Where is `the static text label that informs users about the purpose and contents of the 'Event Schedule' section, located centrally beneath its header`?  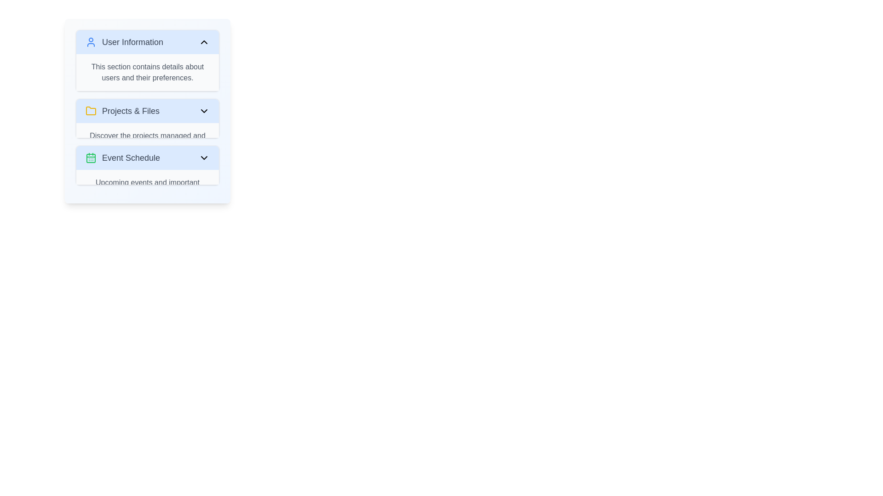
the static text label that informs users about the purpose and contents of the 'Event Schedule' section, located centrally beneath its header is located at coordinates (148, 187).